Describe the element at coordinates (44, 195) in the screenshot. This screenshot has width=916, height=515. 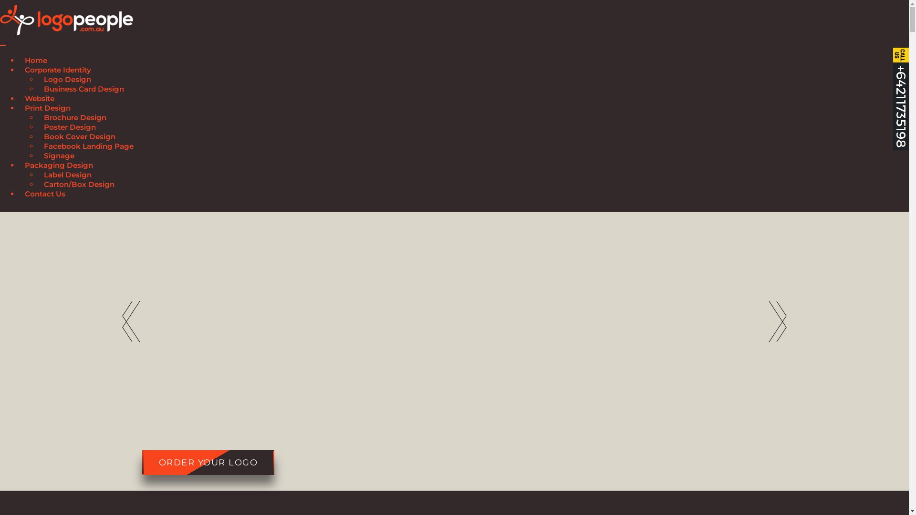
I see `'Contact Us'` at that location.